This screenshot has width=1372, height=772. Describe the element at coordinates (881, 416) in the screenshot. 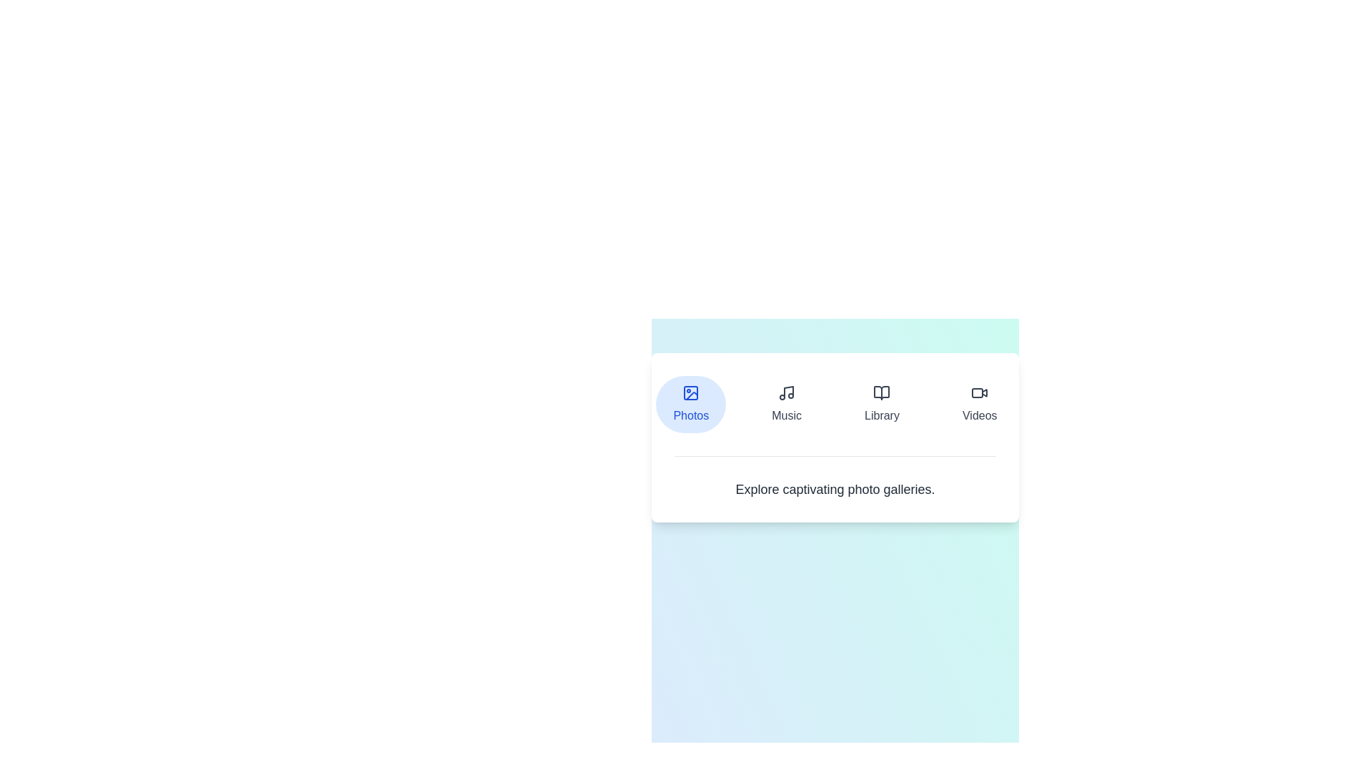

I see `the 'Library' text label in the horizontal navigation bar` at that location.